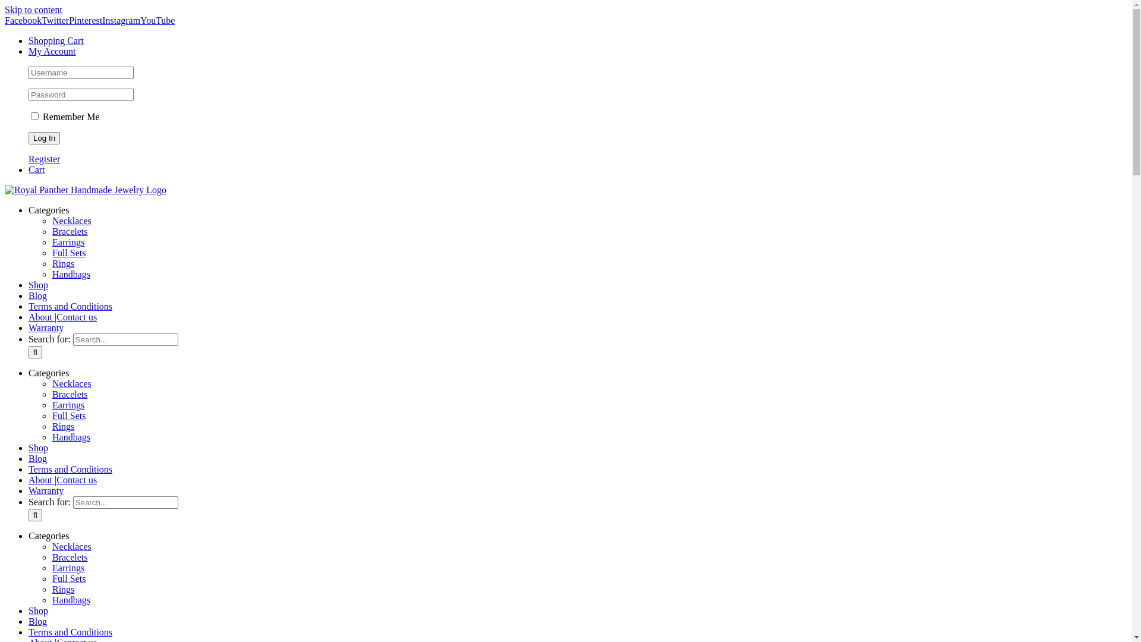 Image resolution: width=1141 pixels, height=642 pixels. Describe the element at coordinates (44, 158) in the screenshot. I see `'Register'` at that location.